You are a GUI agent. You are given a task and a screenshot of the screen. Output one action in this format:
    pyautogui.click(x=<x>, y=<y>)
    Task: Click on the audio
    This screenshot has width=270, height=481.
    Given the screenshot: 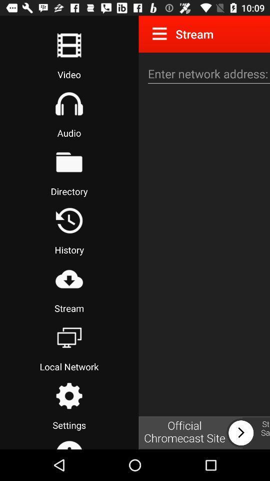 What is the action you would take?
    pyautogui.click(x=68, y=104)
    